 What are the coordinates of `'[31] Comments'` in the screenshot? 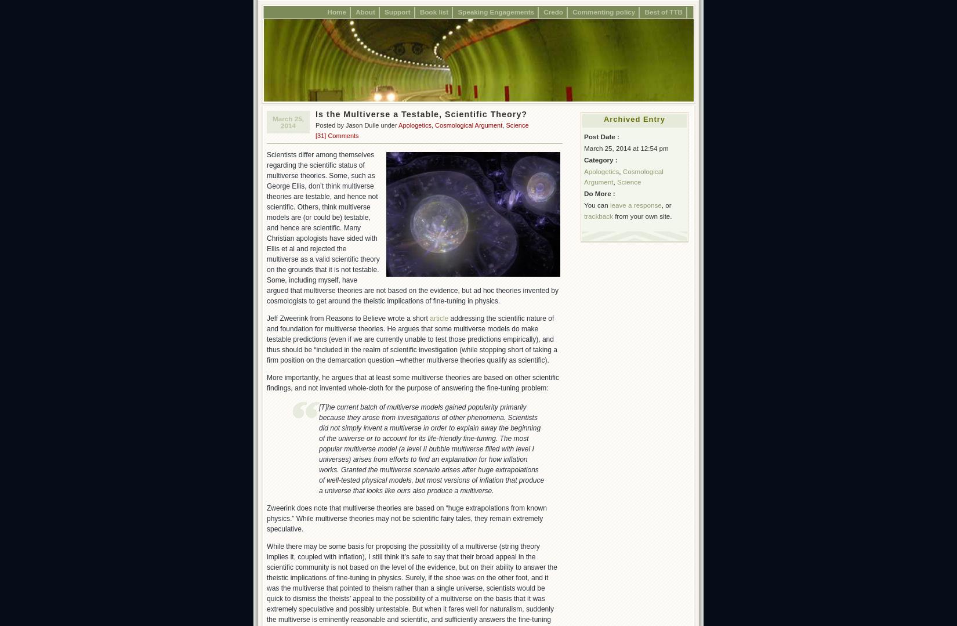 It's located at (336, 135).